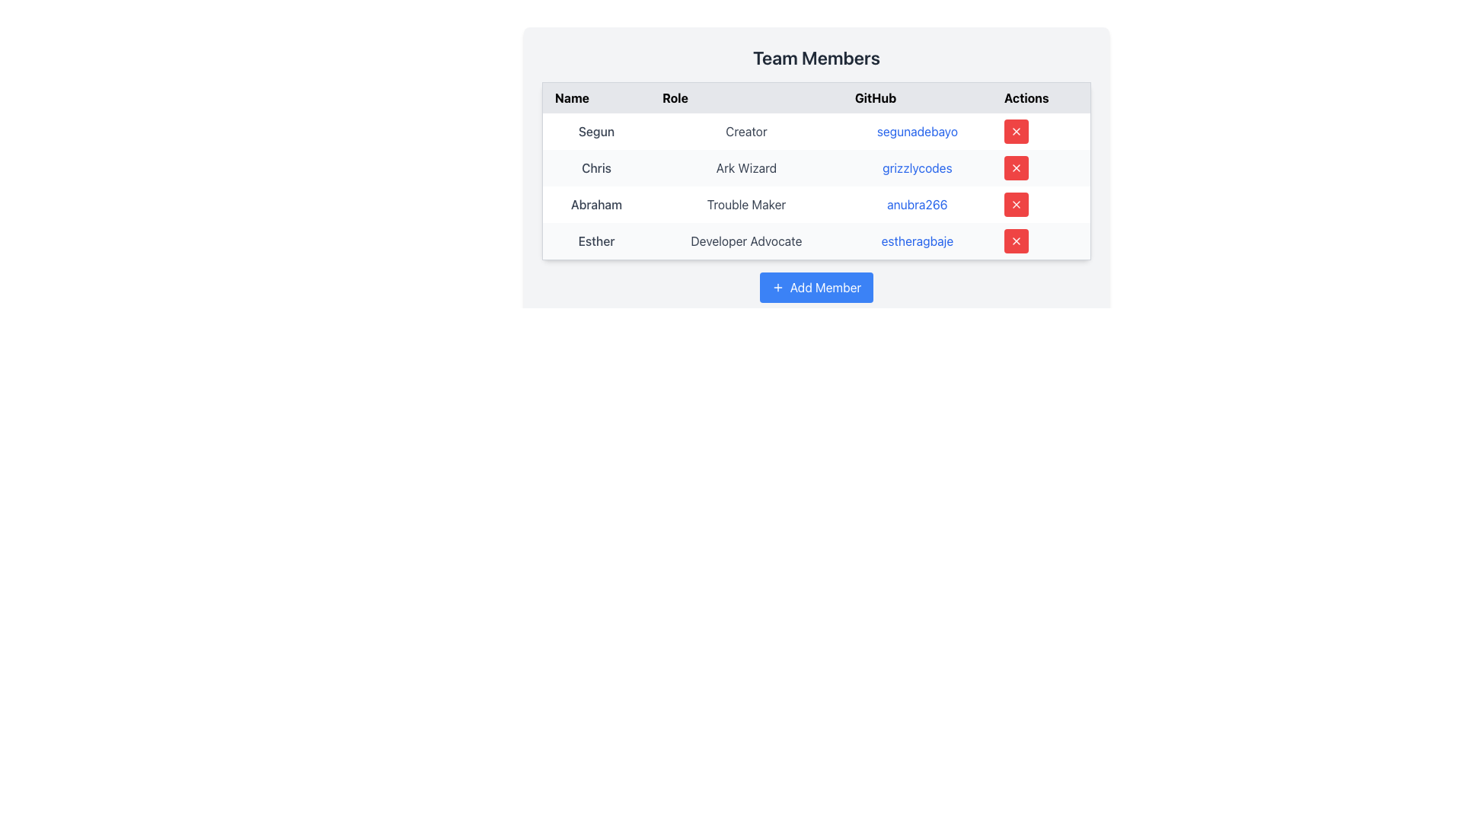 The width and height of the screenshot is (1462, 822). What do you see at coordinates (777, 288) in the screenshot?
I see `the 'Add Member' button which contains the icon for adding a new member, located centrally below the team members table` at bounding box center [777, 288].